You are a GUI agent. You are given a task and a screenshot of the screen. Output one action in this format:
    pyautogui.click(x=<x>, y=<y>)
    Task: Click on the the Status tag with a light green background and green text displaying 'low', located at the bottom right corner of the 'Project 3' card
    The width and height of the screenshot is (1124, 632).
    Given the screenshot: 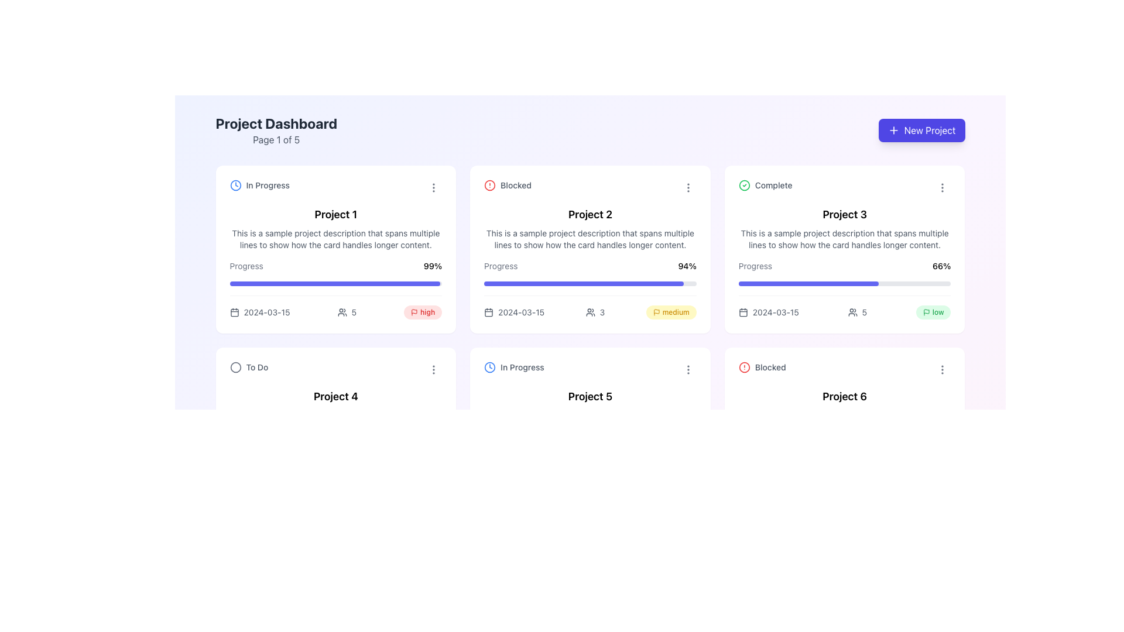 What is the action you would take?
    pyautogui.click(x=933, y=311)
    